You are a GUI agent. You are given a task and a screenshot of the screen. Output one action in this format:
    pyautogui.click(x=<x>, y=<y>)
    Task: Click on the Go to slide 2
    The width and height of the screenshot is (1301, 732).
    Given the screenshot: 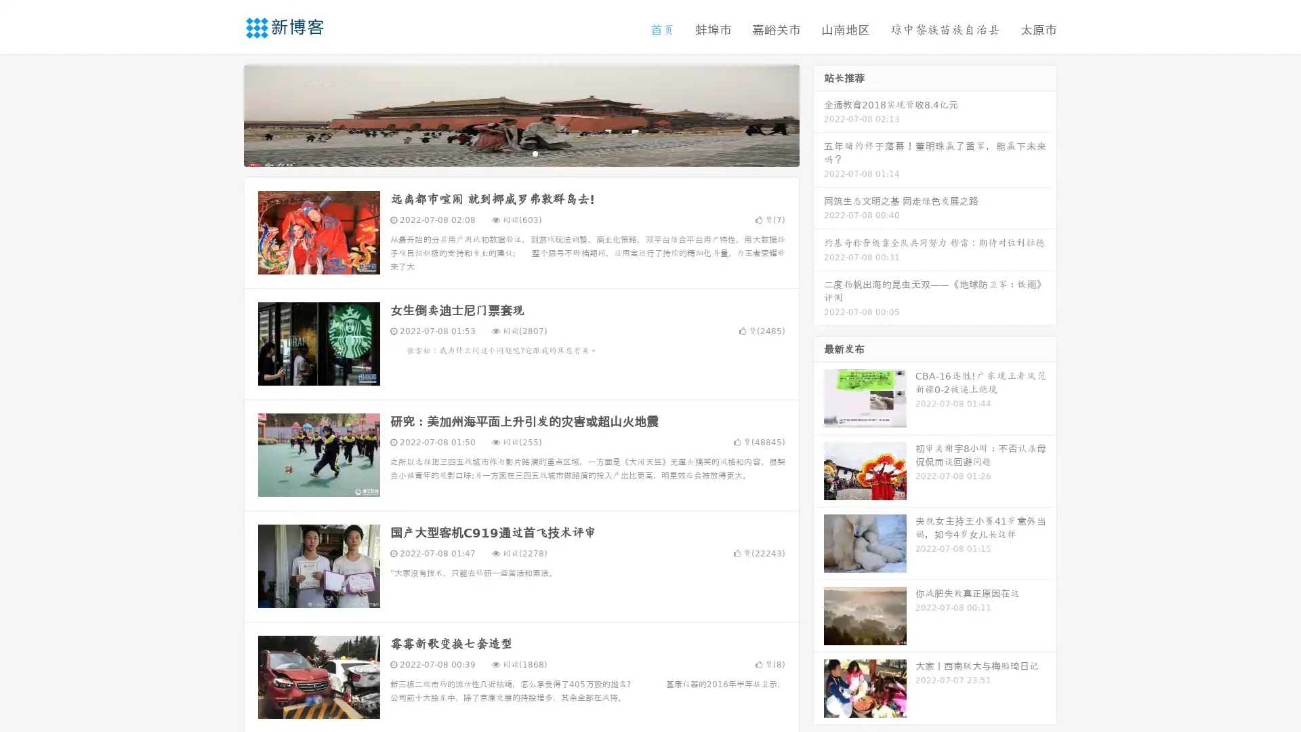 What is the action you would take?
    pyautogui.click(x=520, y=152)
    